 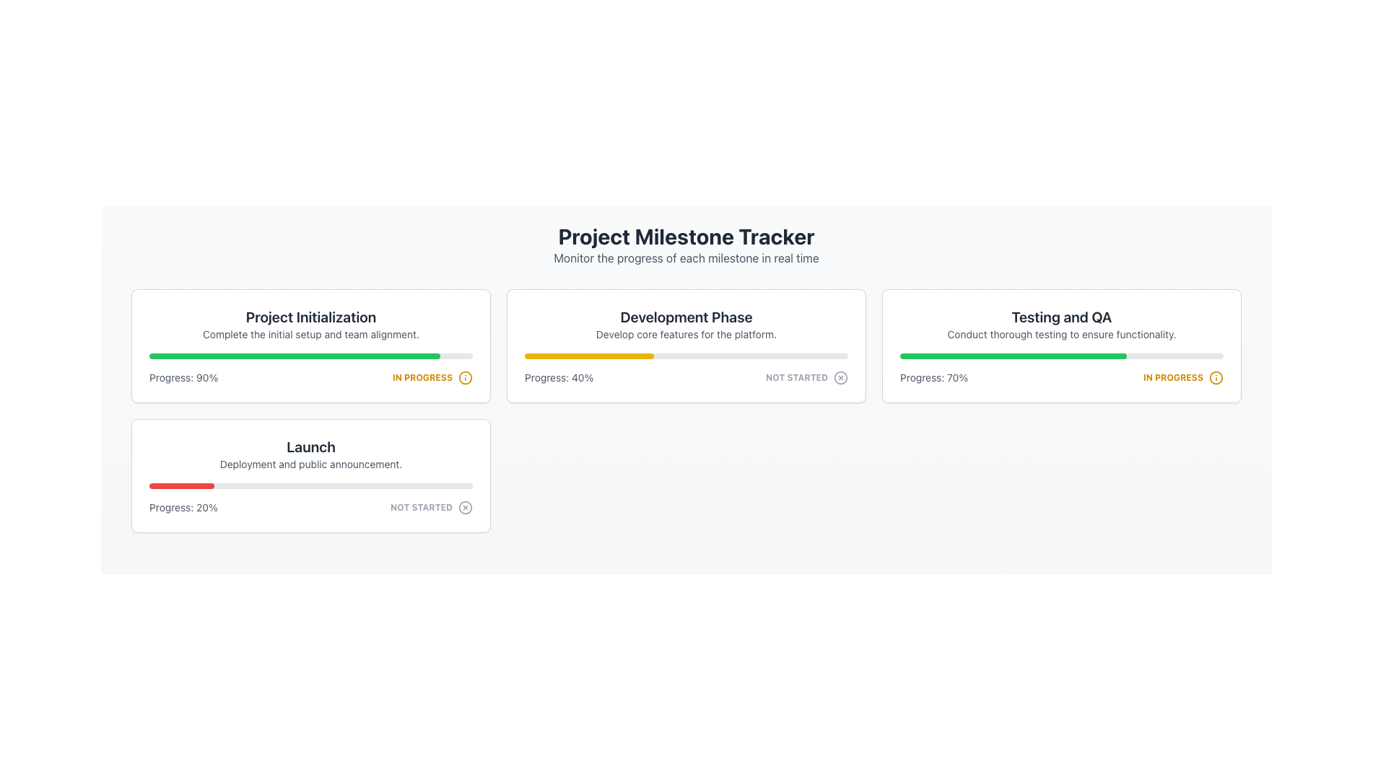 I want to click on any actionable icons that are located near the 'Development Phase' Information Card, which is centrally positioned in the second column of the project tracker interface, so click(x=685, y=346).